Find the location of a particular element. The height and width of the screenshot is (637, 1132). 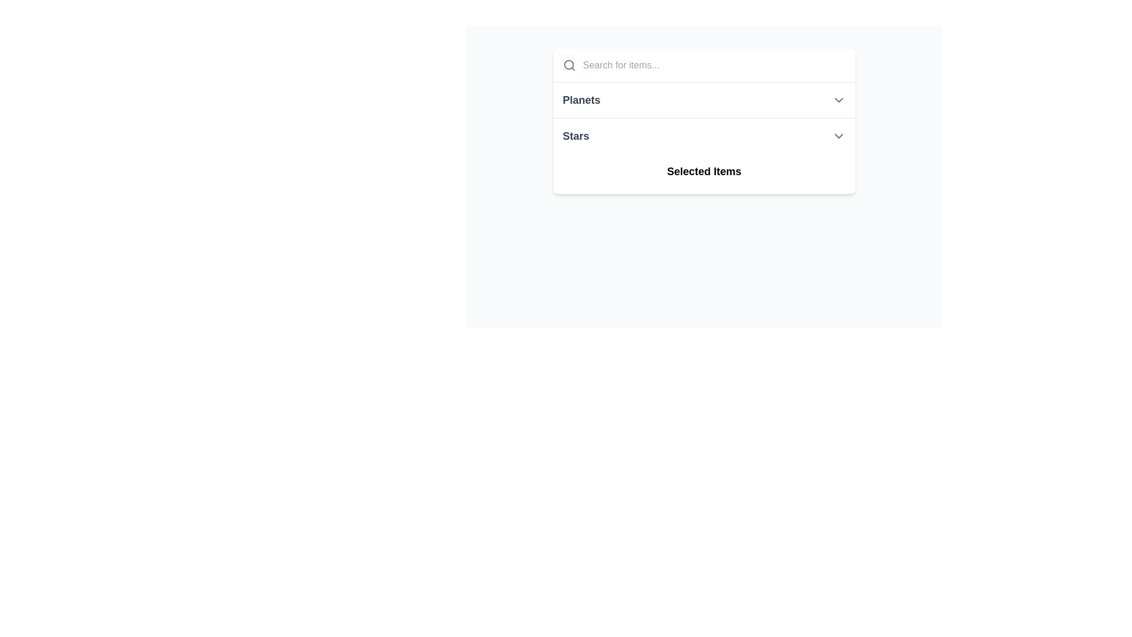

the second item is located at coordinates (704, 135).